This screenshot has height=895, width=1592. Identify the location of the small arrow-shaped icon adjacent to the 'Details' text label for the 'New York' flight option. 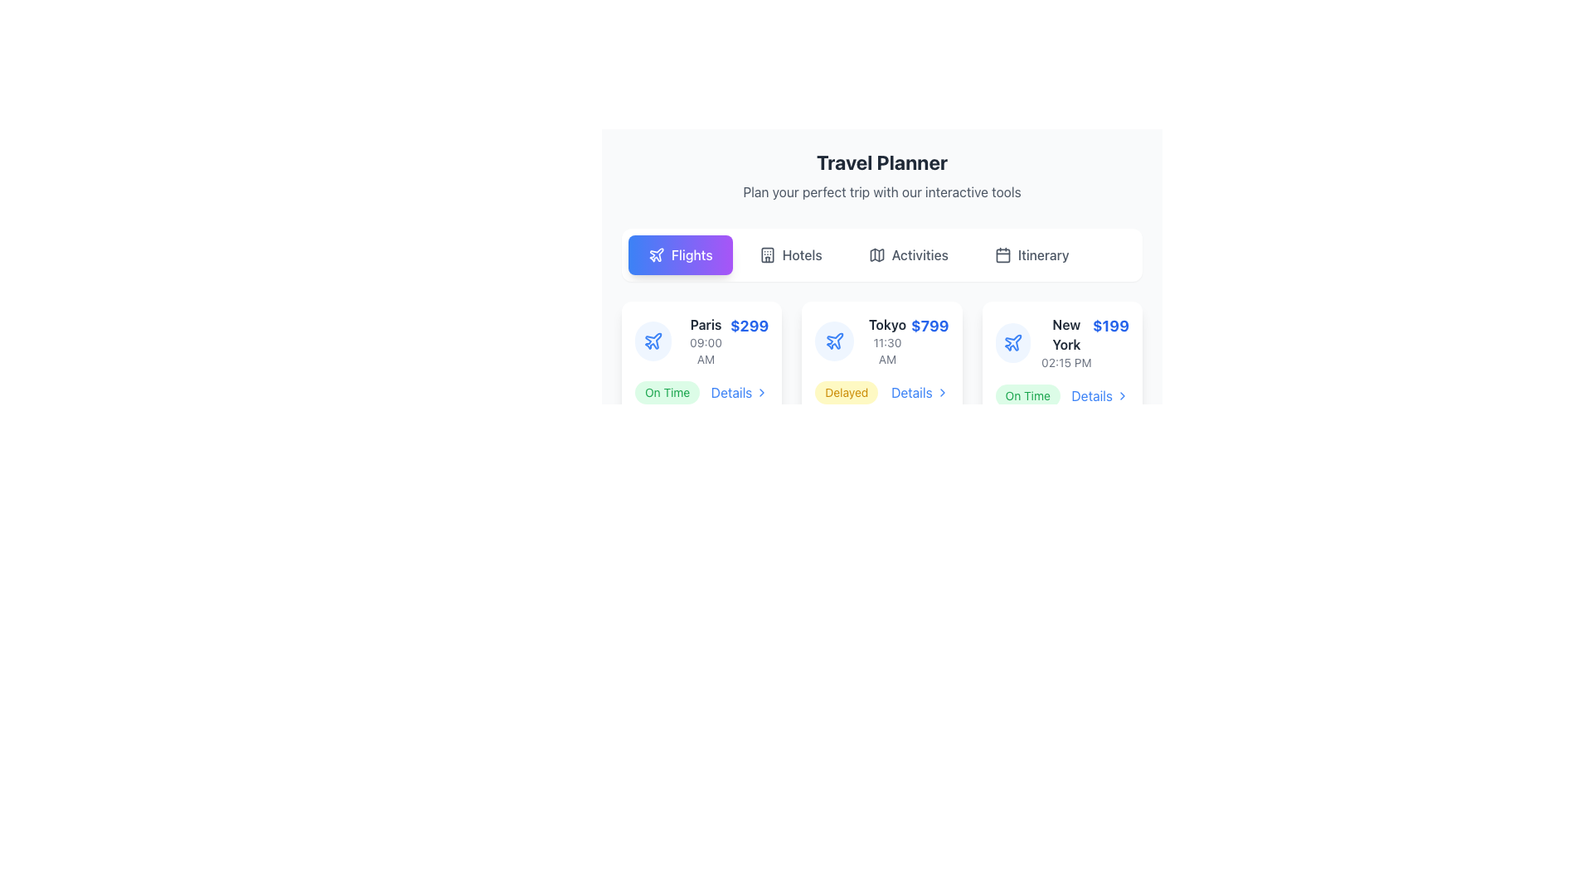
(1122, 396).